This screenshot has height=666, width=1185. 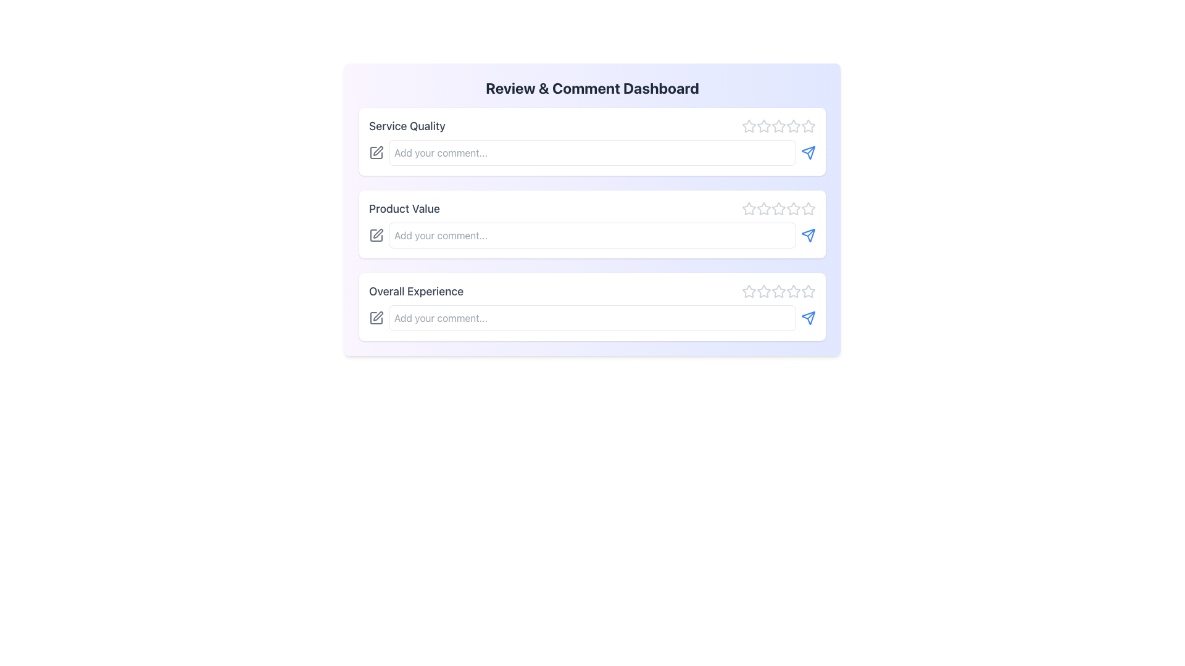 I want to click on the second star icon in the 'Service Quality' rating section to rate it, so click(x=763, y=126).